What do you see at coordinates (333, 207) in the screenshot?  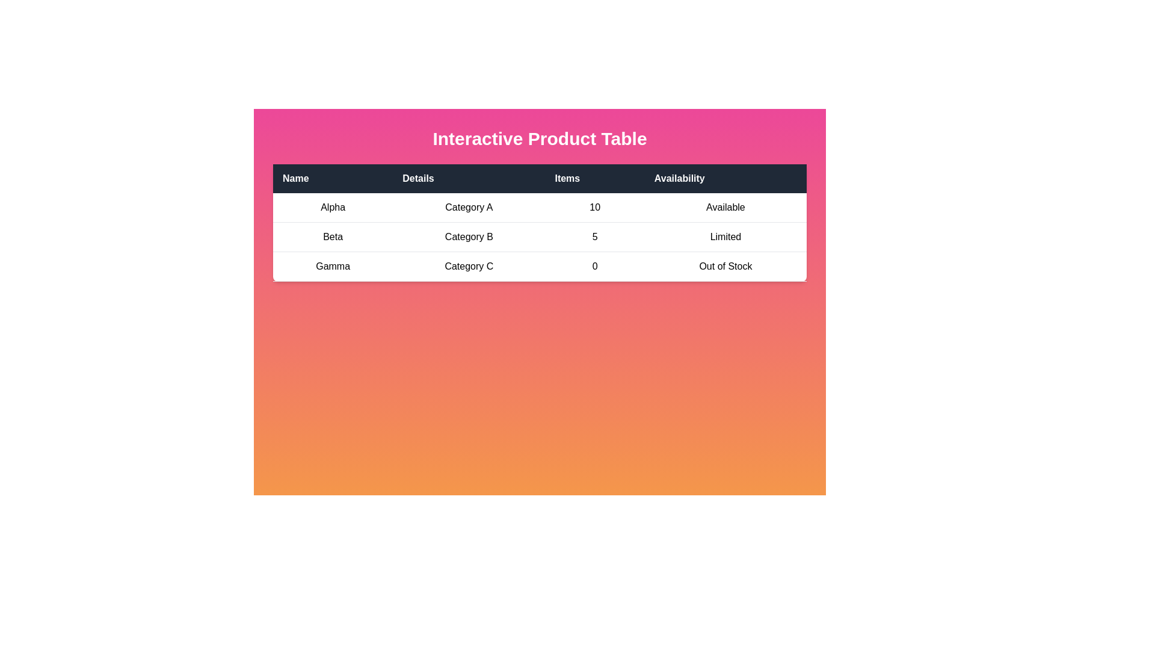 I see `on the table cell displaying the text 'Alpha'` at bounding box center [333, 207].